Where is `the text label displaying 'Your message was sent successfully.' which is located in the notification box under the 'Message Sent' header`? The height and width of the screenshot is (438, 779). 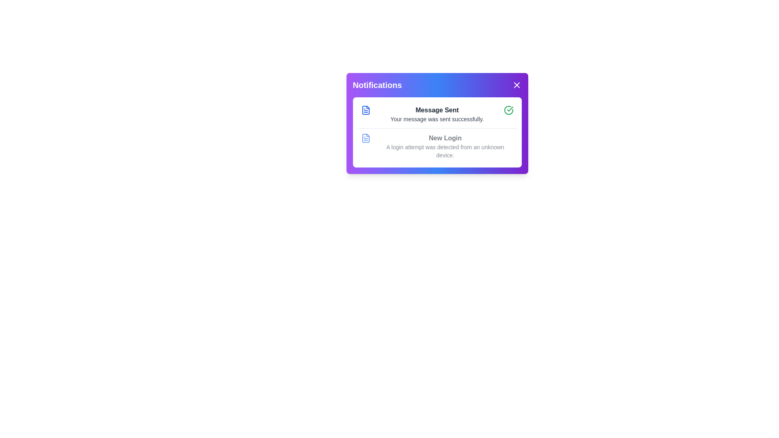 the text label displaying 'Your message was sent successfully.' which is located in the notification box under the 'Message Sent' header is located at coordinates (437, 119).